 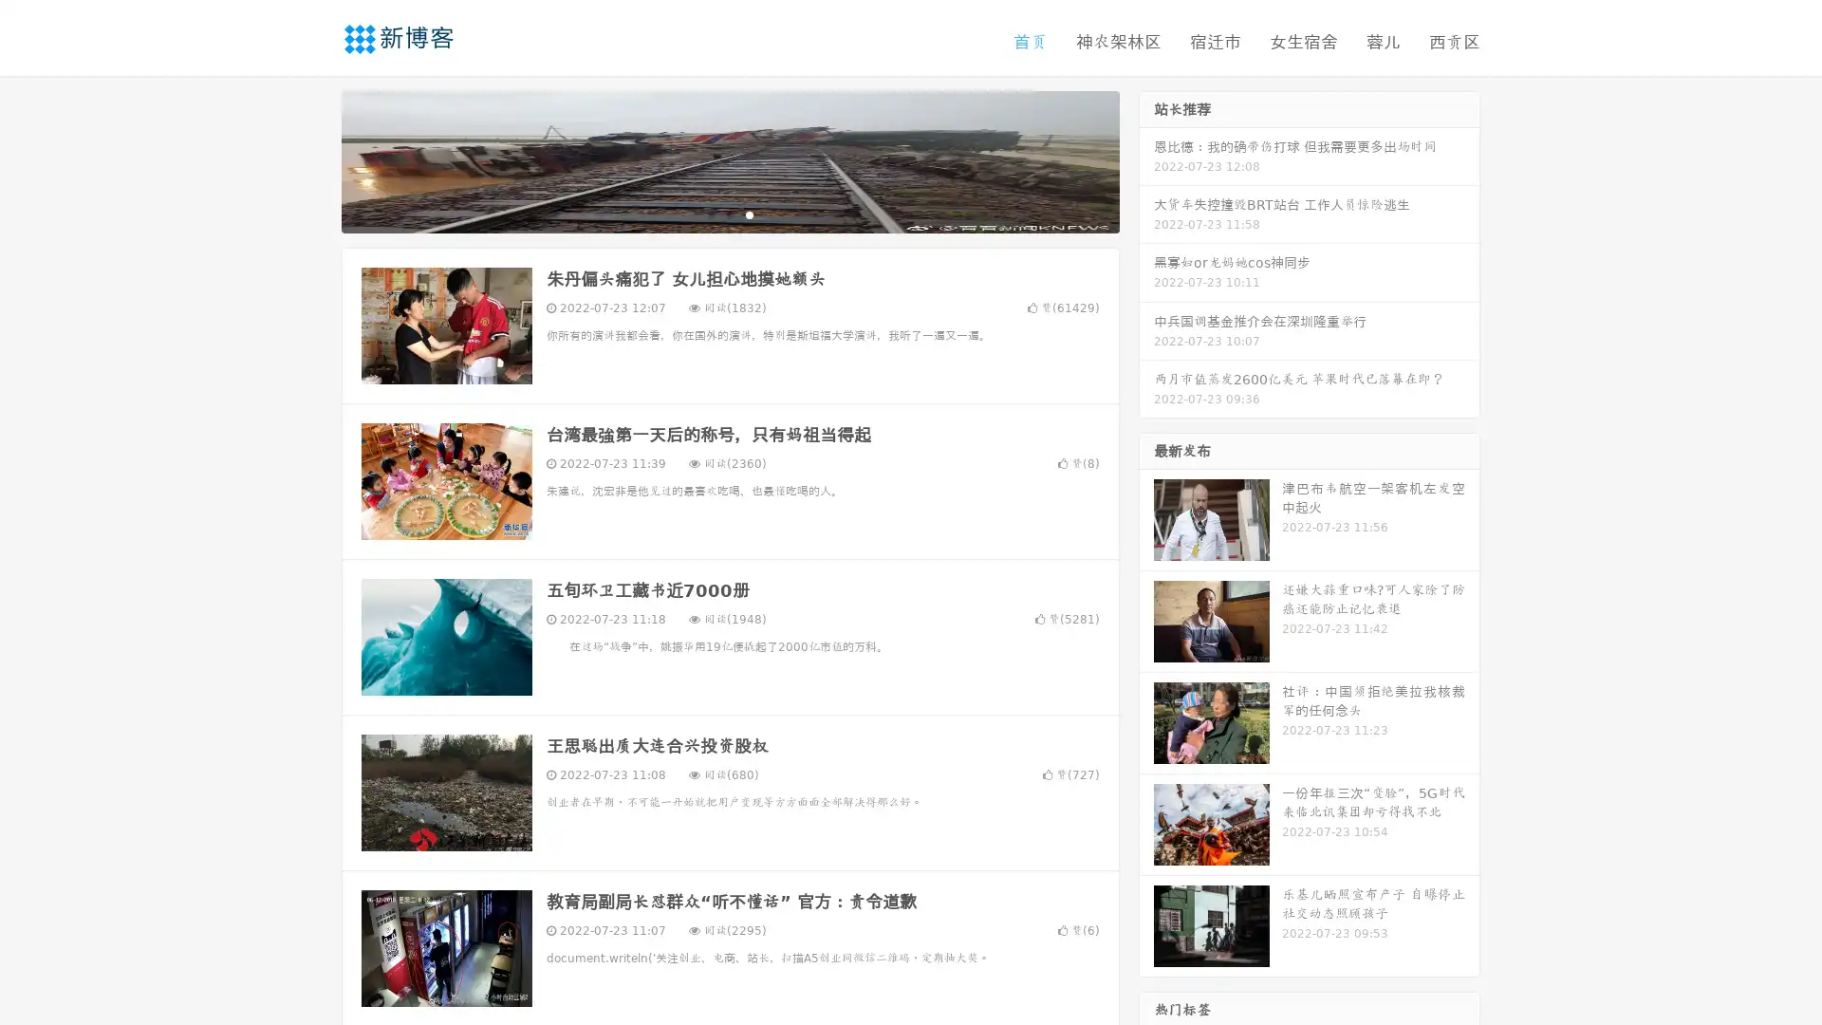 I want to click on Previous slide, so click(x=313, y=159).